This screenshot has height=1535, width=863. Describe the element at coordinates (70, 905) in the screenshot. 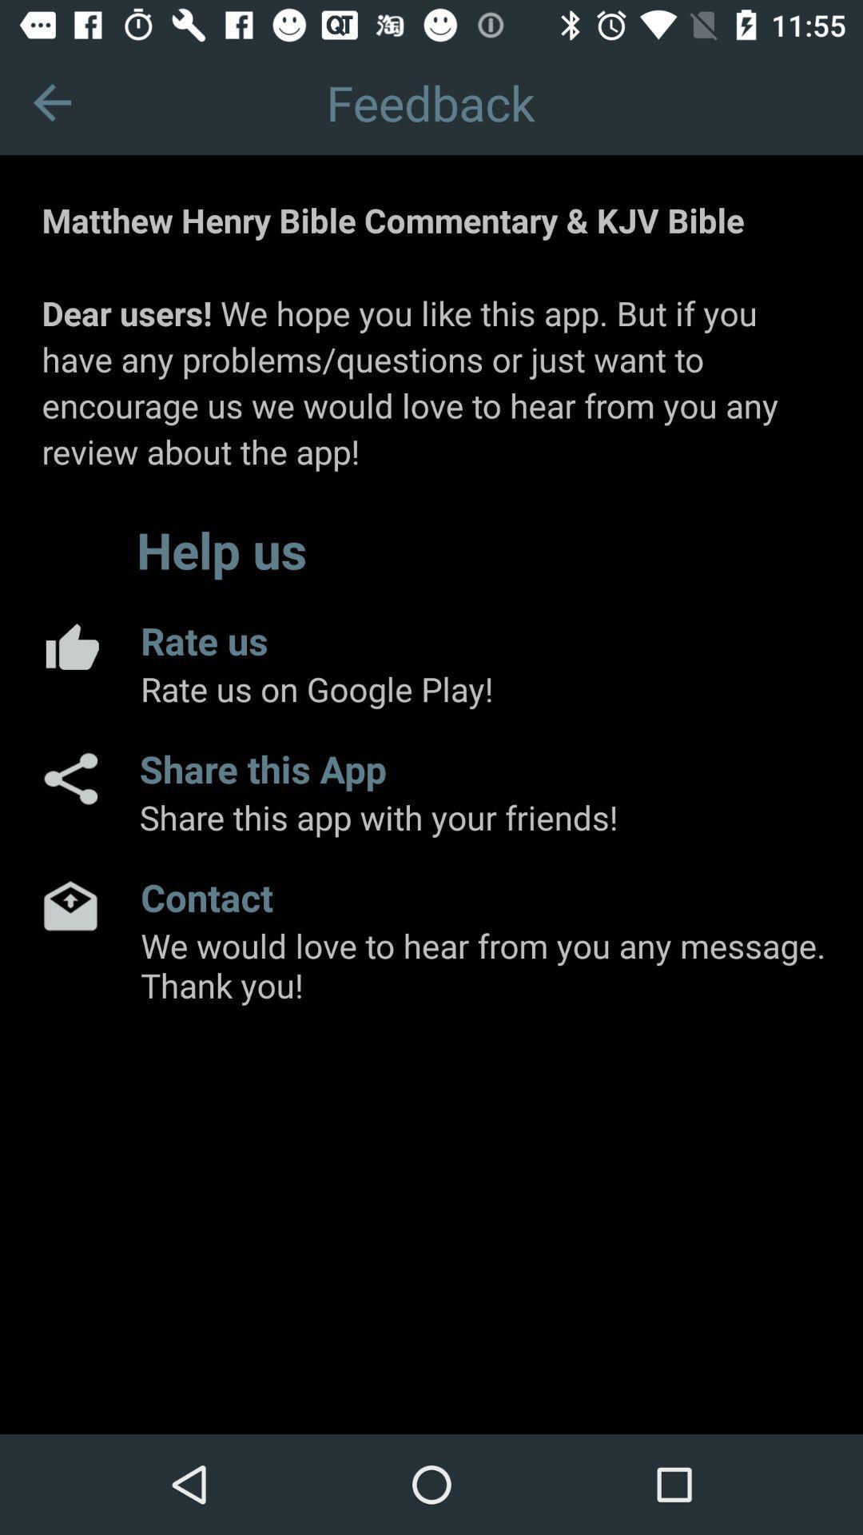

I see `contact app developer` at that location.